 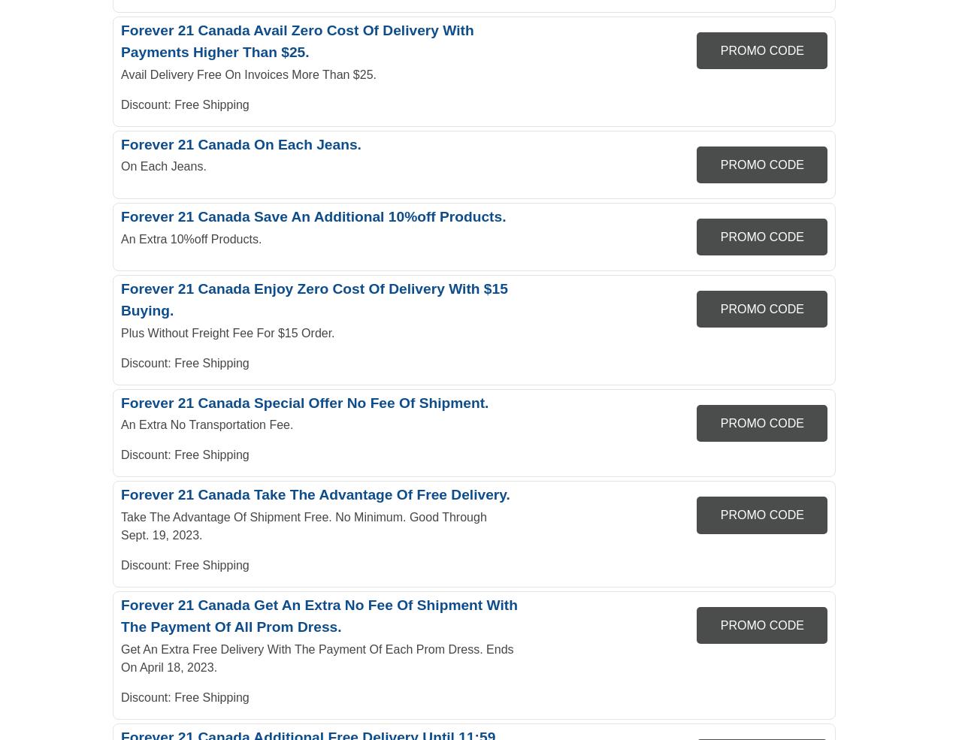 What do you see at coordinates (297, 40) in the screenshot?
I see `'Forever 21 Canada Avail Zero Cost Of Delivery With Payments Higher Than $25.'` at bounding box center [297, 40].